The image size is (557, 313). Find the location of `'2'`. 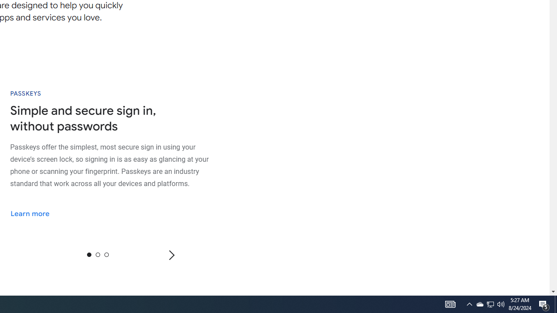

'2' is located at coordinates (105, 254).